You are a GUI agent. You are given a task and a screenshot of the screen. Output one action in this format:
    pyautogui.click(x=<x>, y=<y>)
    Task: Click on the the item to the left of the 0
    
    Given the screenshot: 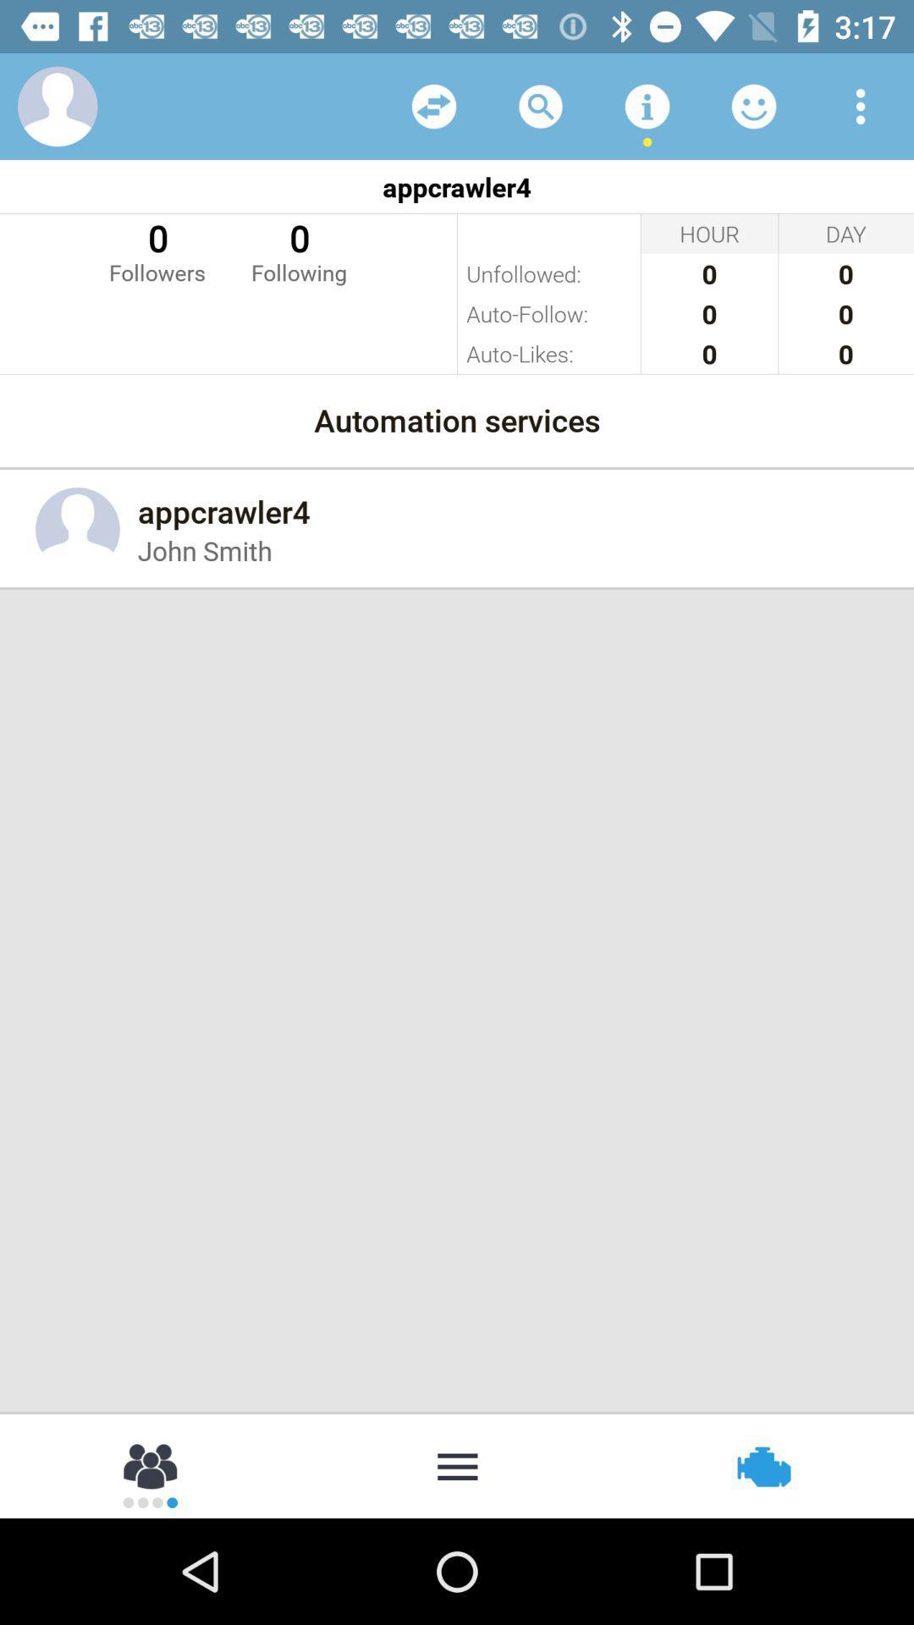 What is the action you would take?
    pyautogui.click(x=157, y=250)
    